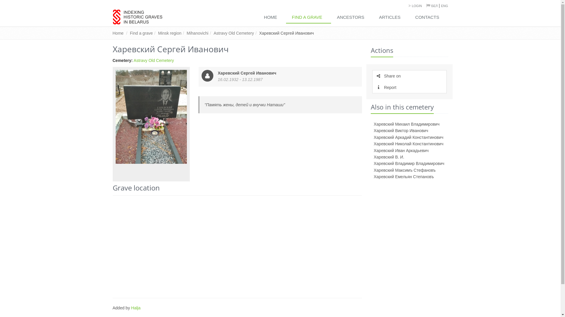  Describe the element at coordinates (197, 33) in the screenshot. I see `'Mihanovichi'` at that location.